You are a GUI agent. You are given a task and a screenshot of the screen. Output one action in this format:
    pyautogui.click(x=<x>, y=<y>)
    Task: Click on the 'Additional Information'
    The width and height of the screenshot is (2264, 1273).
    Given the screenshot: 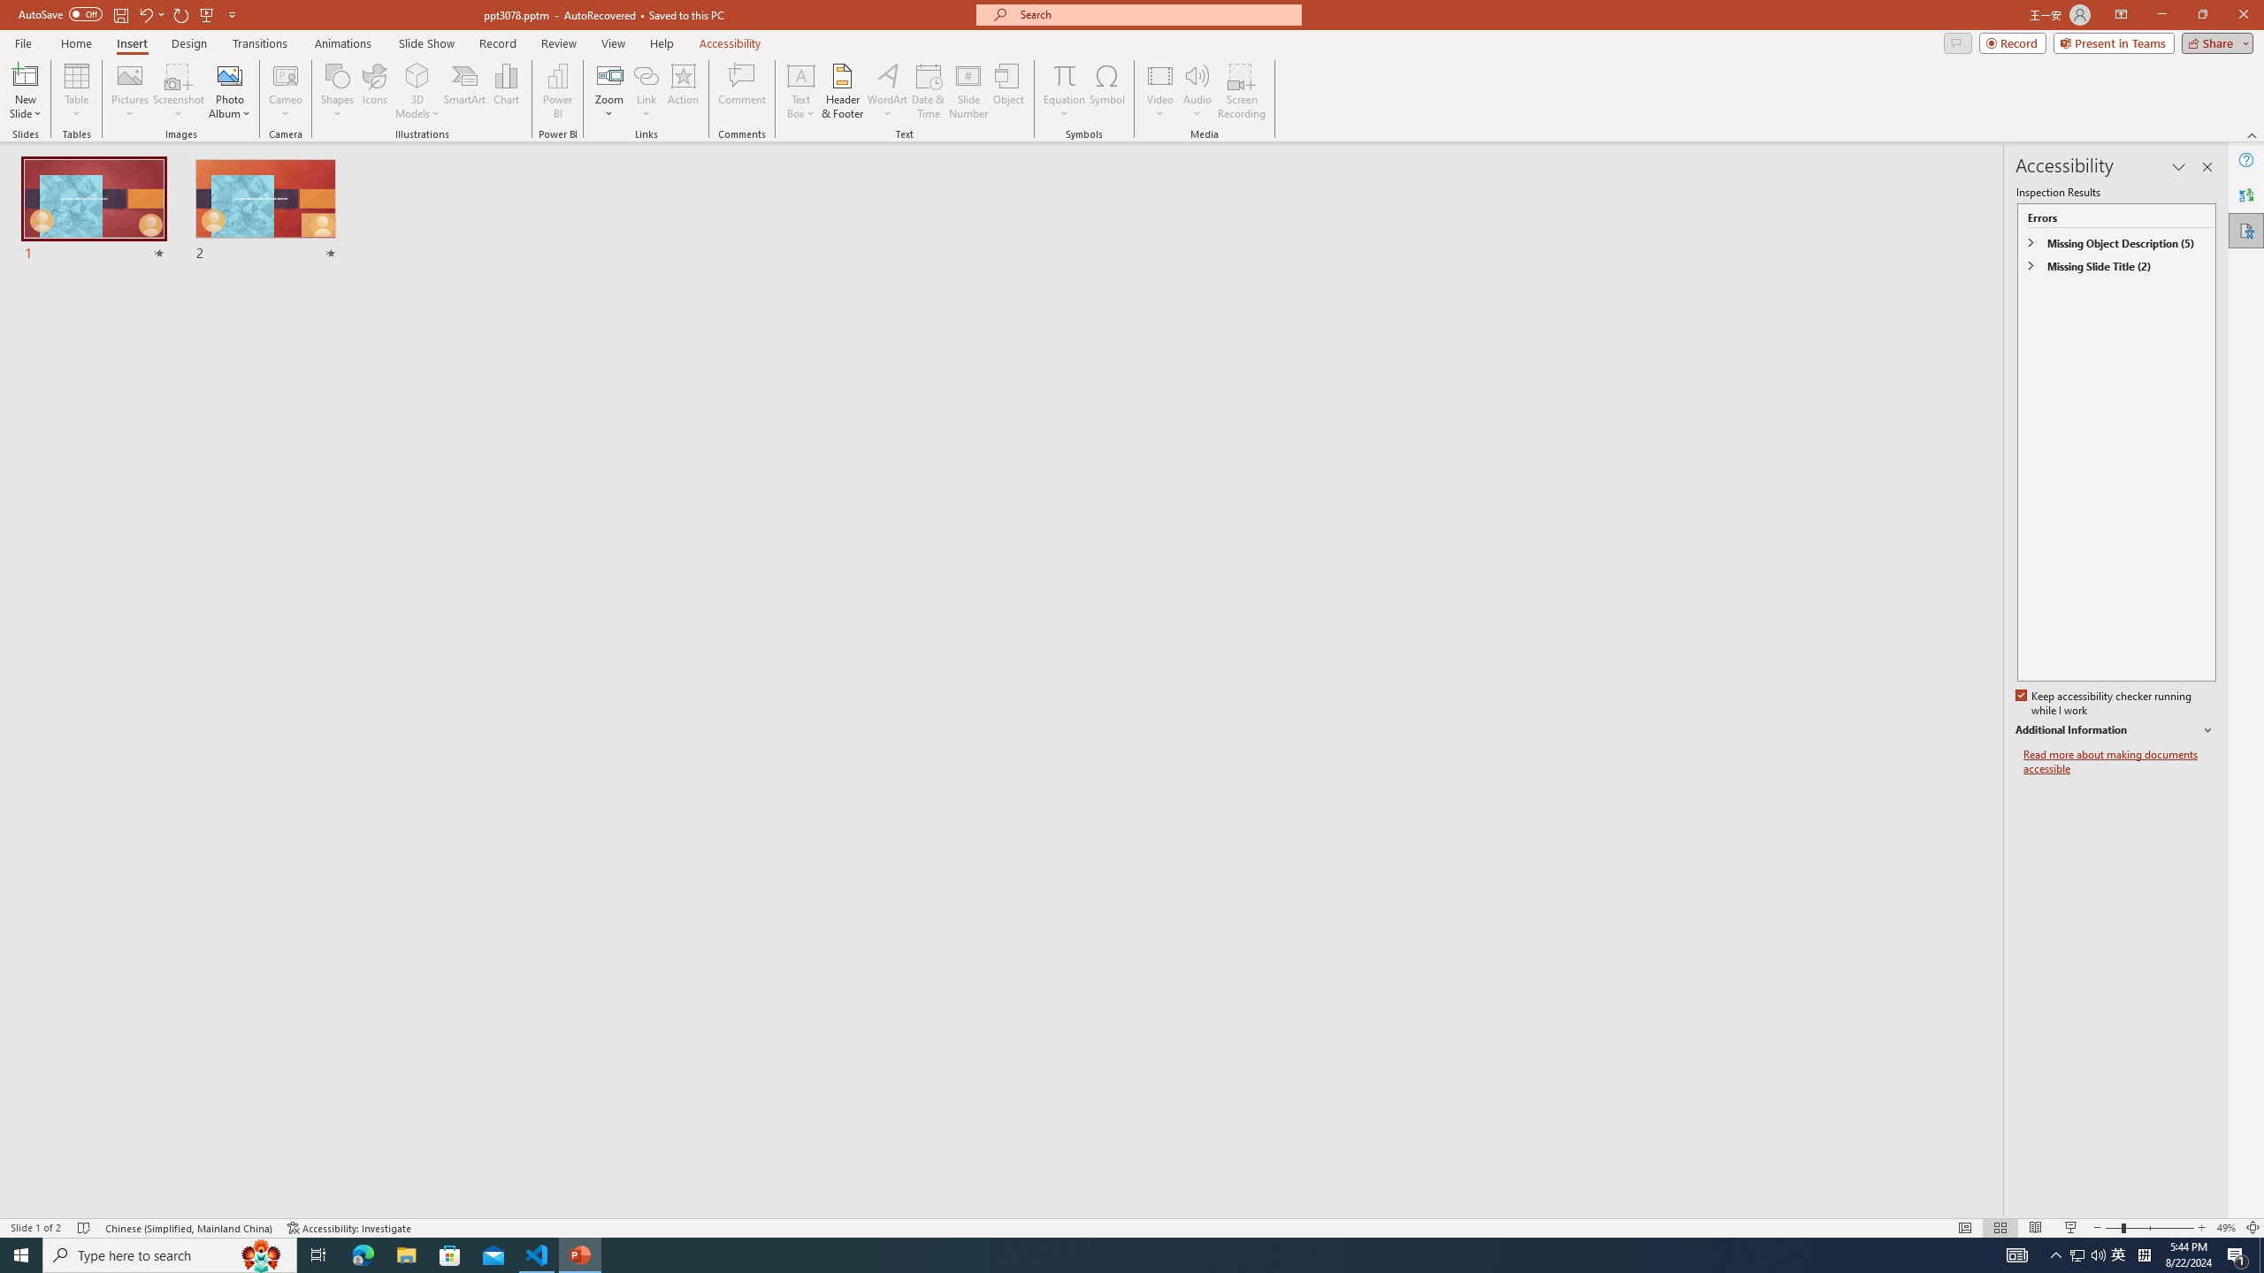 What is the action you would take?
    pyautogui.click(x=2115, y=730)
    